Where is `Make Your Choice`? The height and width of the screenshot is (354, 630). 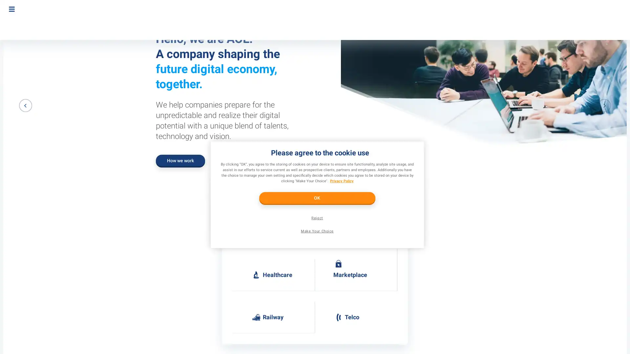 Make Your Choice is located at coordinates (317, 231).